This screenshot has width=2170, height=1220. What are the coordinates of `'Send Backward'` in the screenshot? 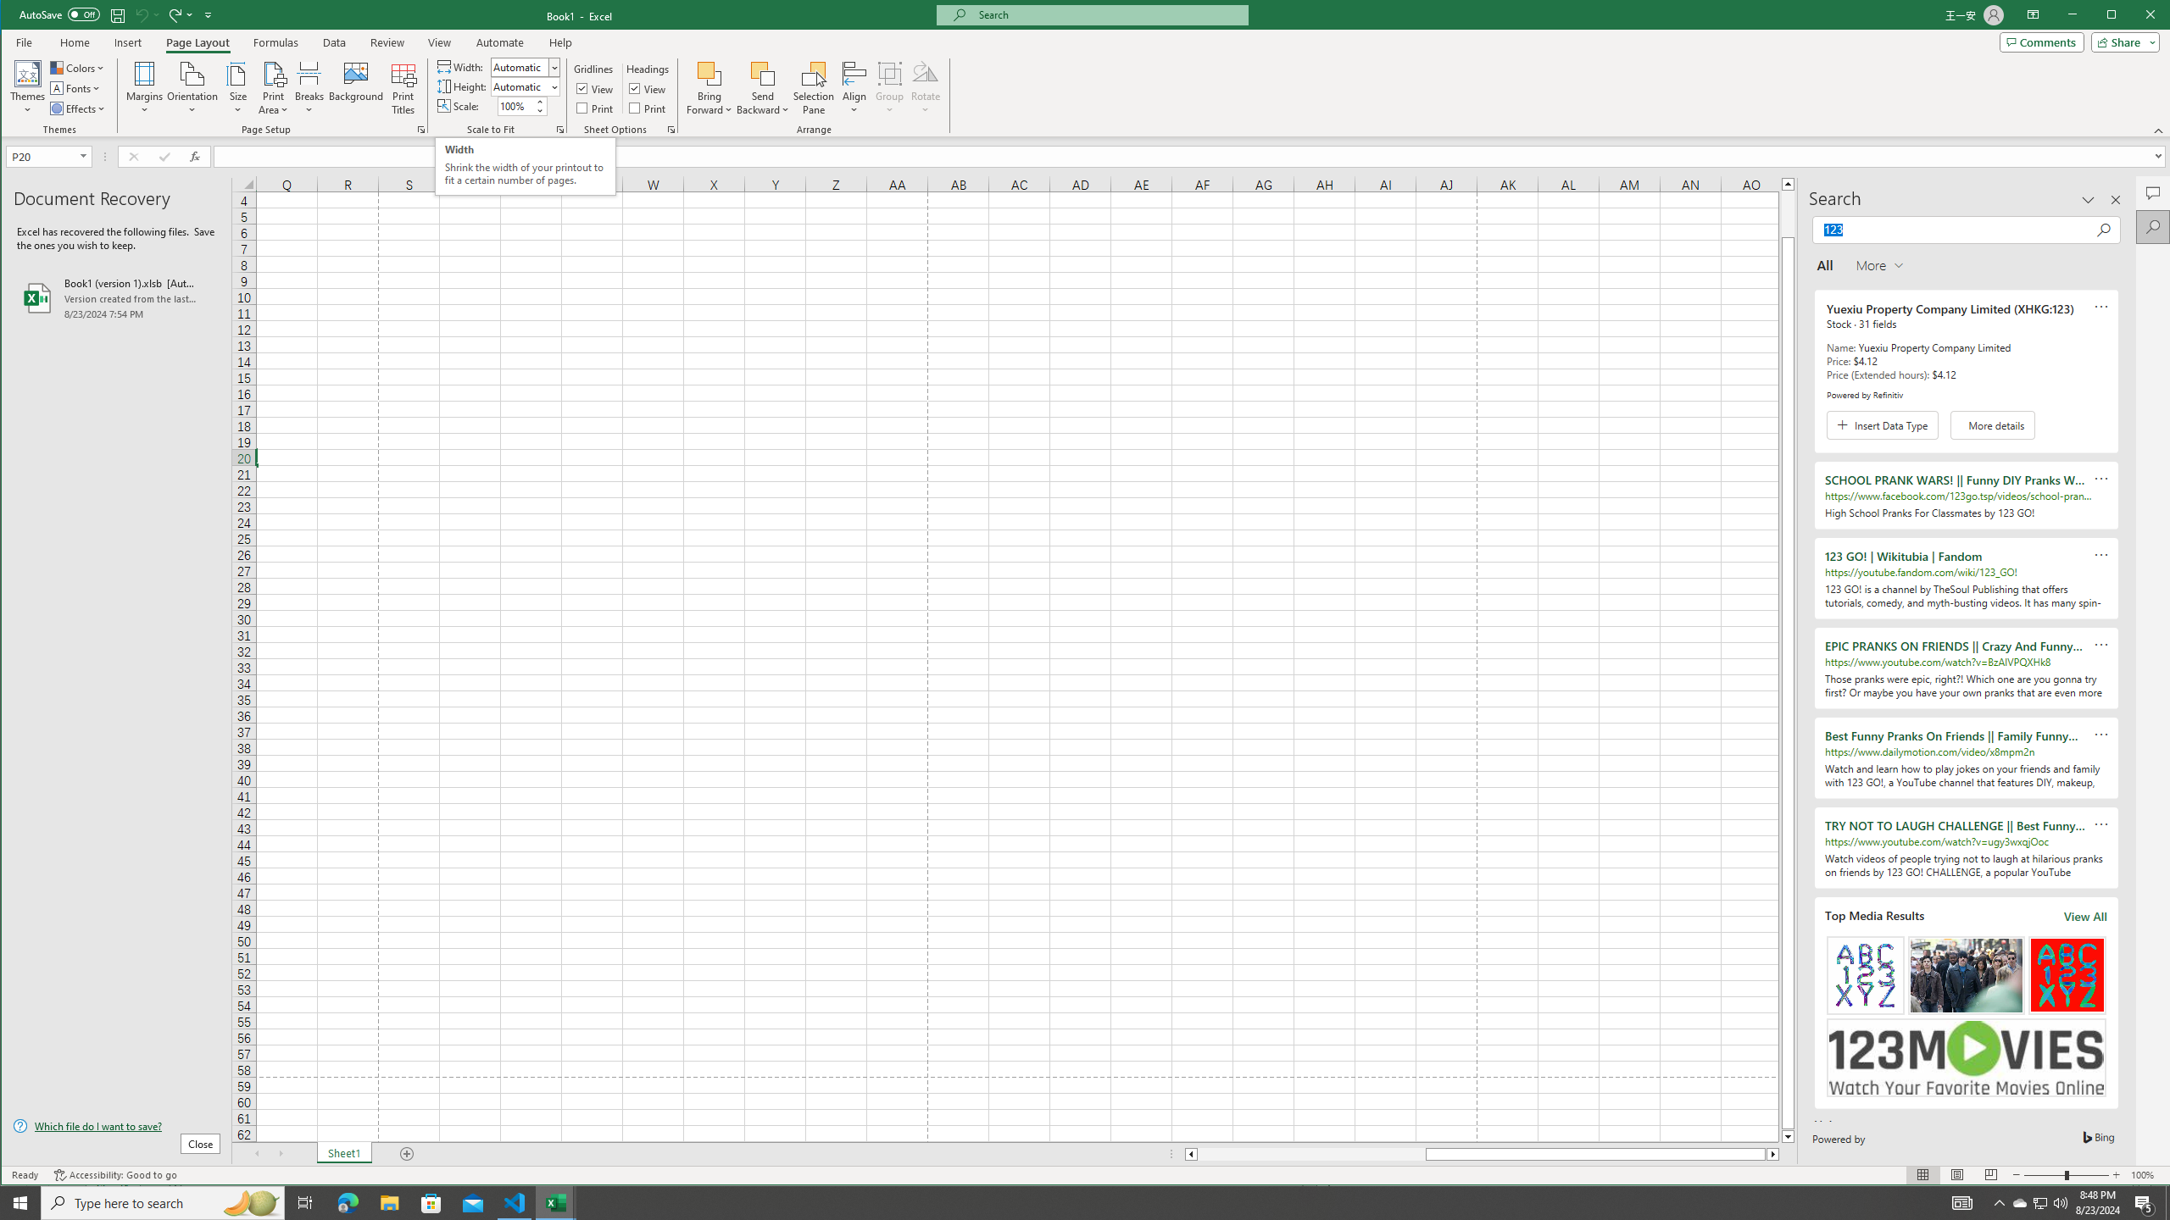 It's located at (763, 87).